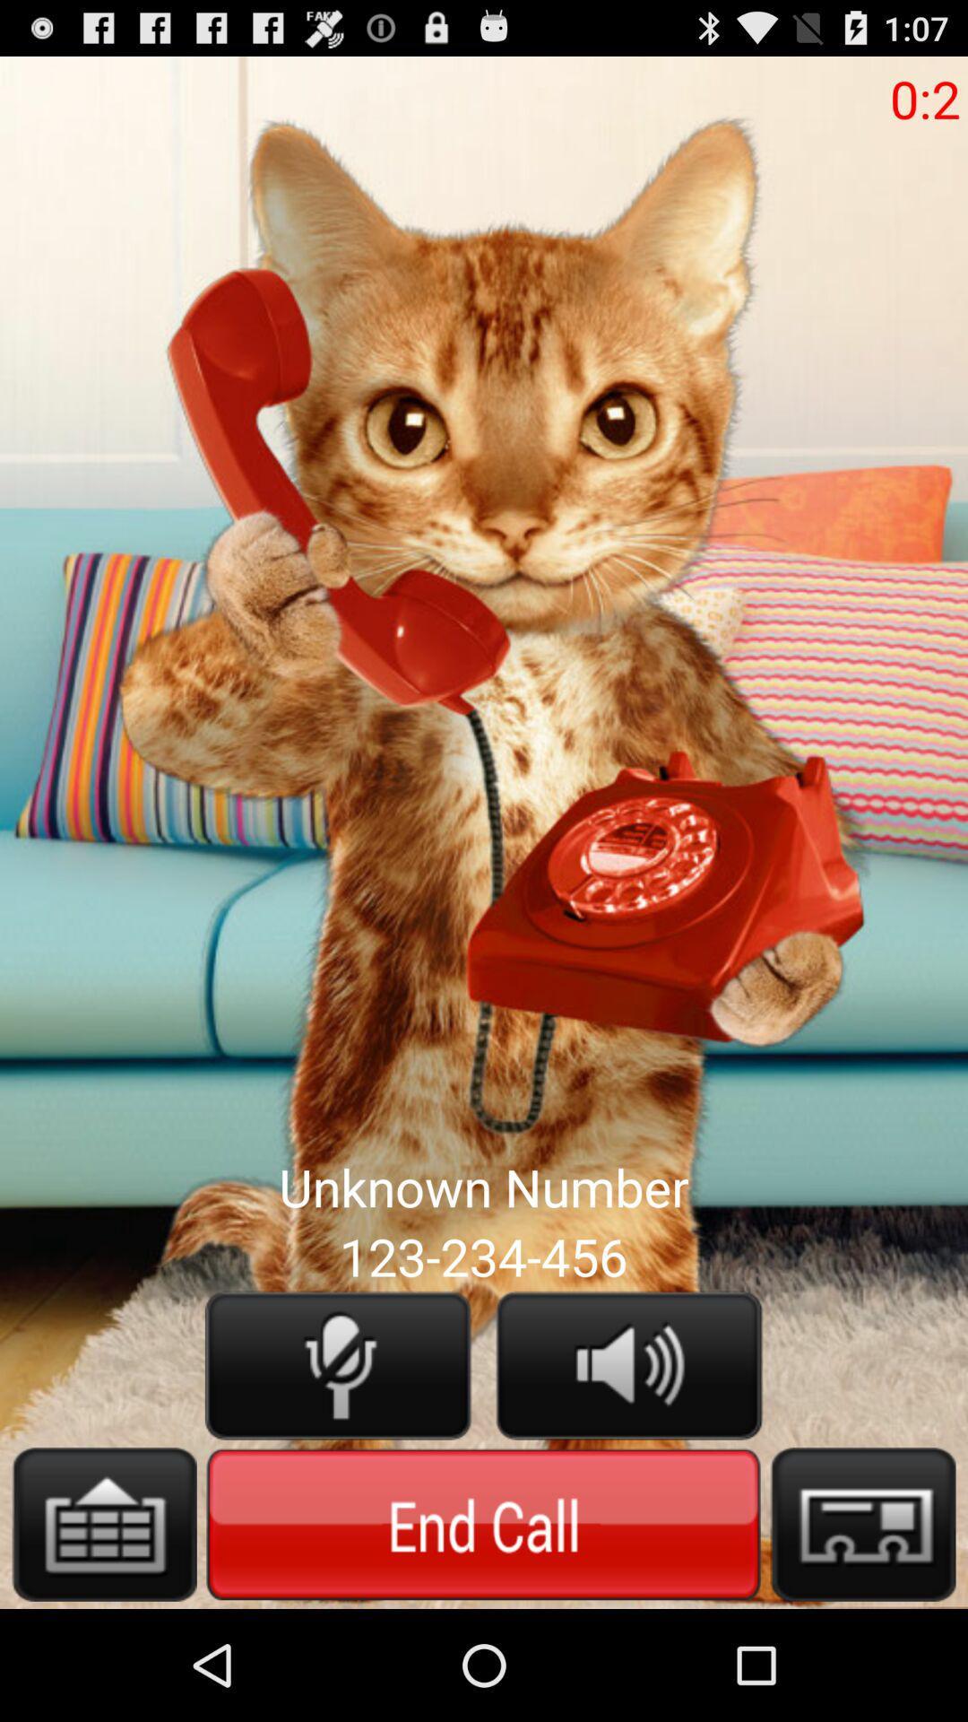  I want to click on mute microphone, so click(338, 1364).